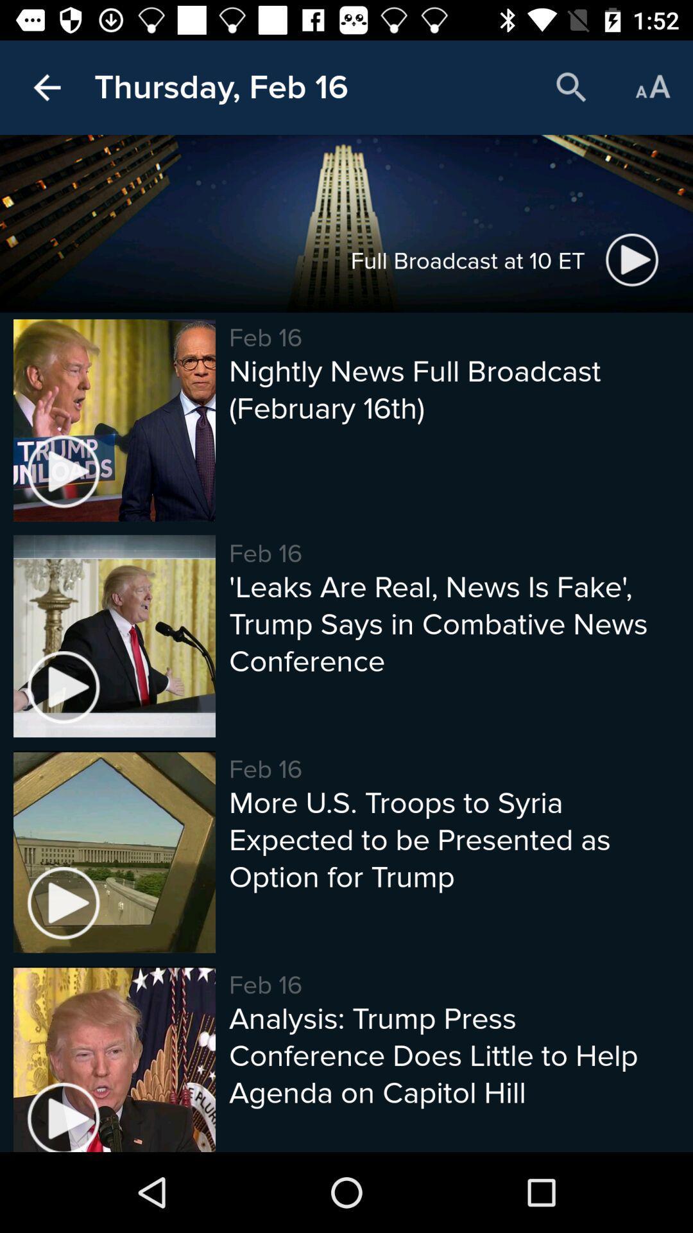 Image resolution: width=693 pixels, height=1233 pixels. Describe the element at coordinates (571, 87) in the screenshot. I see `icon next to the thursday, feb 16` at that location.